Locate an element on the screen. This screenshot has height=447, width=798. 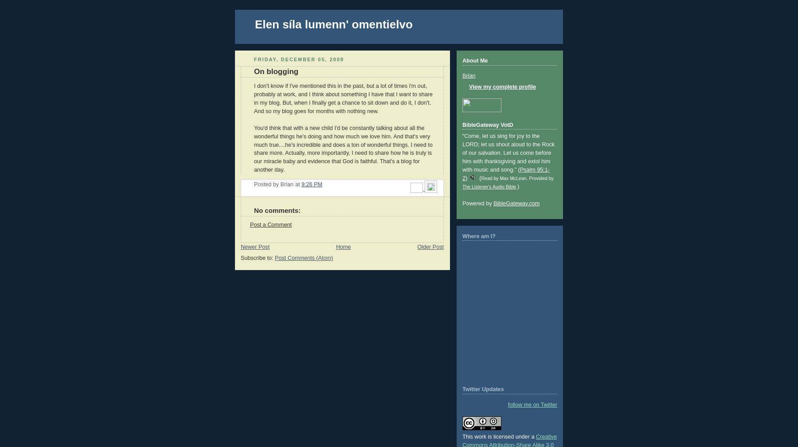
'Powered by' is located at coordinates (462, 203).